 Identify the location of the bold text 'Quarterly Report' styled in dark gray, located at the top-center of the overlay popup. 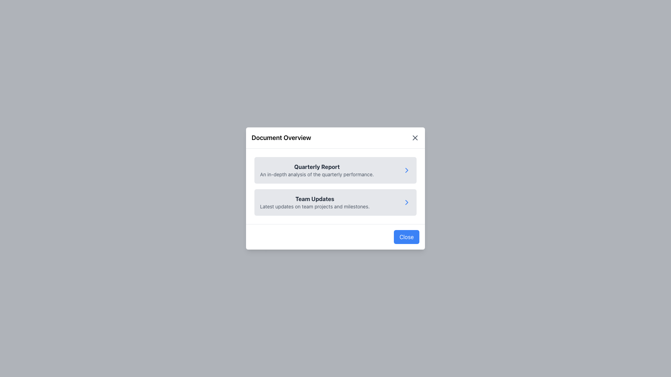
(317, 167).